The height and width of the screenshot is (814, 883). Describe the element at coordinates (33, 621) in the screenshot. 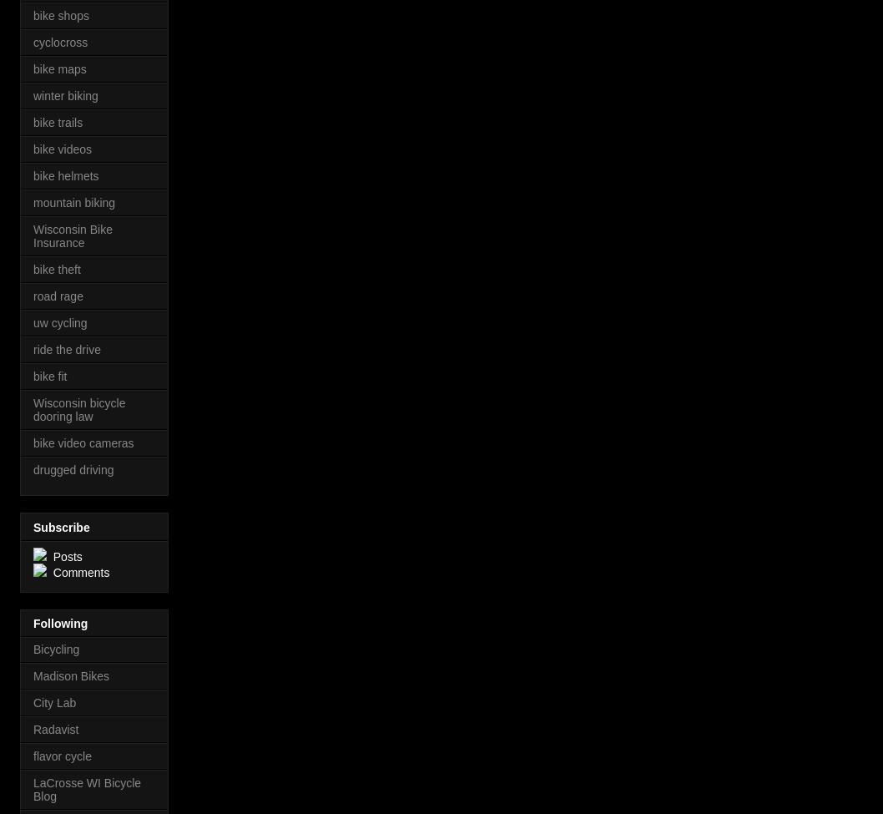

I see `'Following'` at that location.